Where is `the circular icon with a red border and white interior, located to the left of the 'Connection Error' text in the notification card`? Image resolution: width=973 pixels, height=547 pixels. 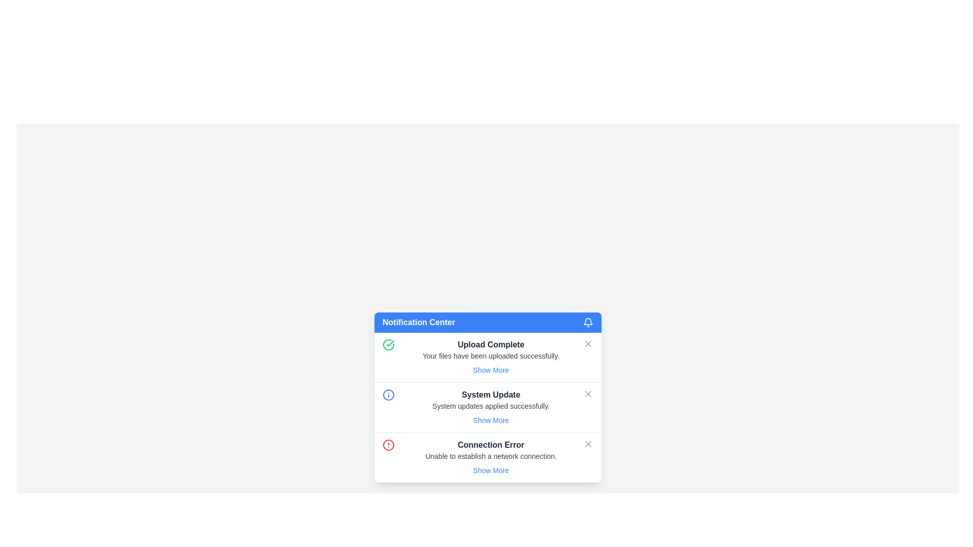 the circular icon with a red border and white interior, located to the left of the 'Connection Error' text in the notification card is located at coordinates (388, 445).